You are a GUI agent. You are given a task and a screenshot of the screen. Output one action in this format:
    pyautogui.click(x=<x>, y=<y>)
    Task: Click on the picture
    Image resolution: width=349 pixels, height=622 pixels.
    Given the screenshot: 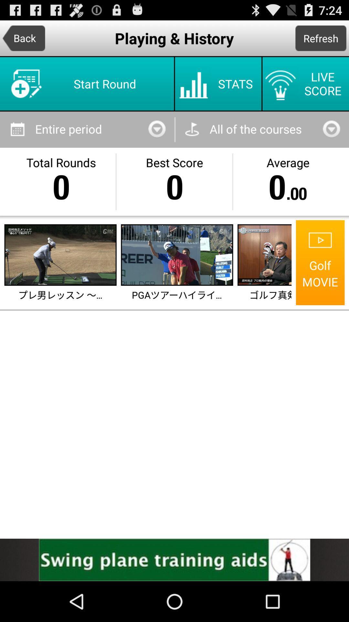 What is the action you would take?
    pyautogui.click(x=265, y=255)
    